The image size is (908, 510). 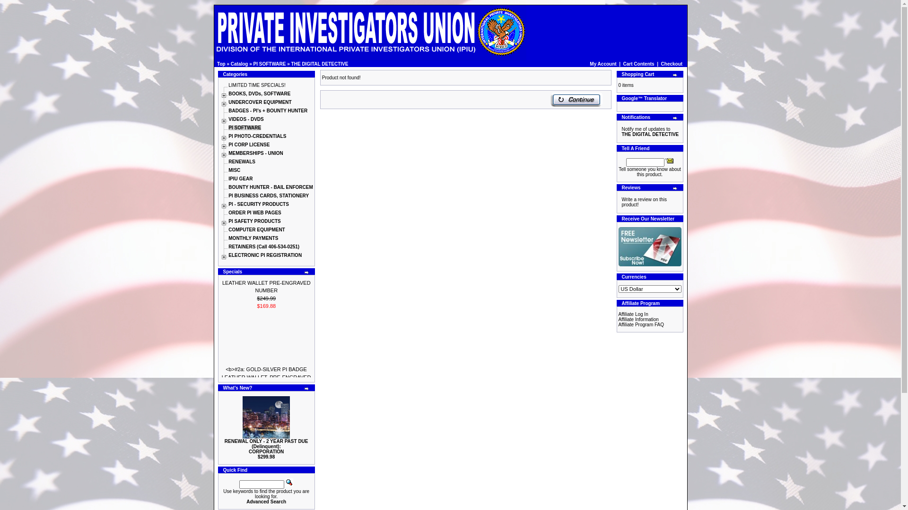 What do you see at coordinates (256, 229) in the screenshot?
I see `'COMPUTER EQUIPMENT'` at bounding box center [256, 229].